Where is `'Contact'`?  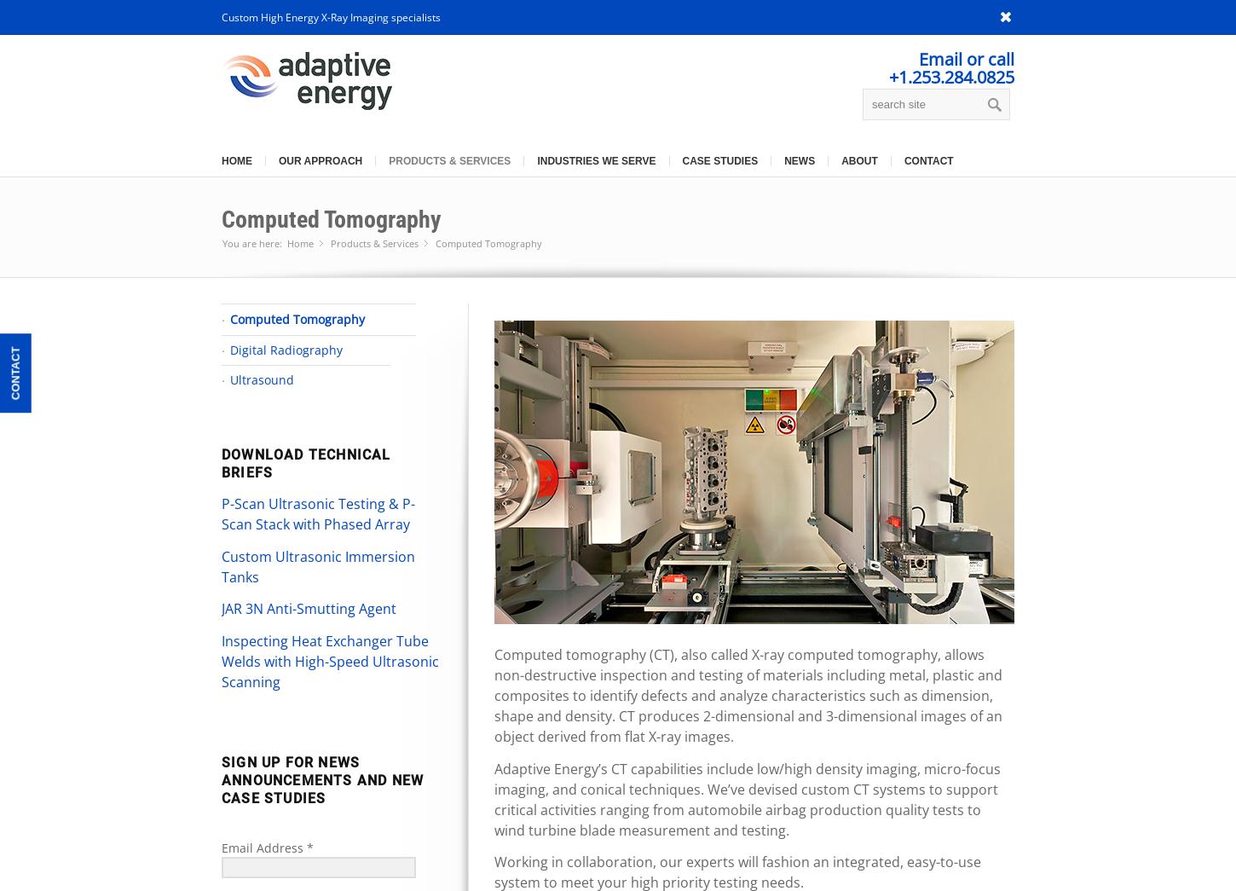 'Contact' is located at coordinates (14, 373).